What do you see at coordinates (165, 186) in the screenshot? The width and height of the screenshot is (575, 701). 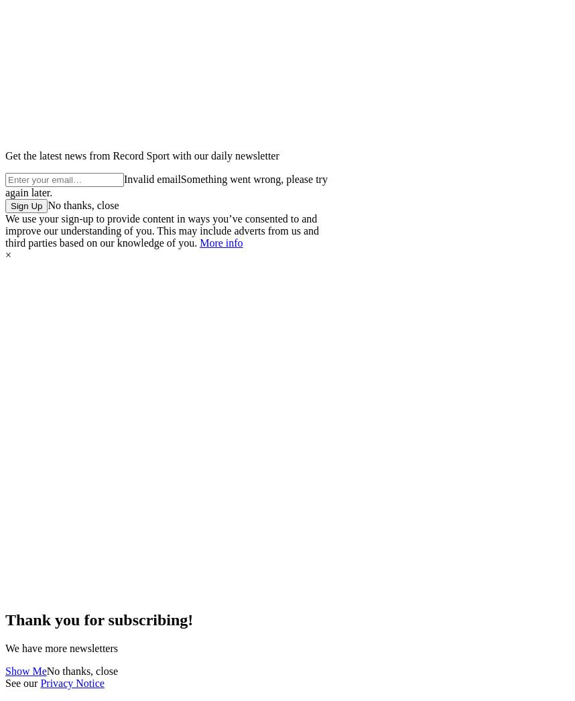 I see `'Something went wrong, please try again later.'` at bounding box center [165, 186].